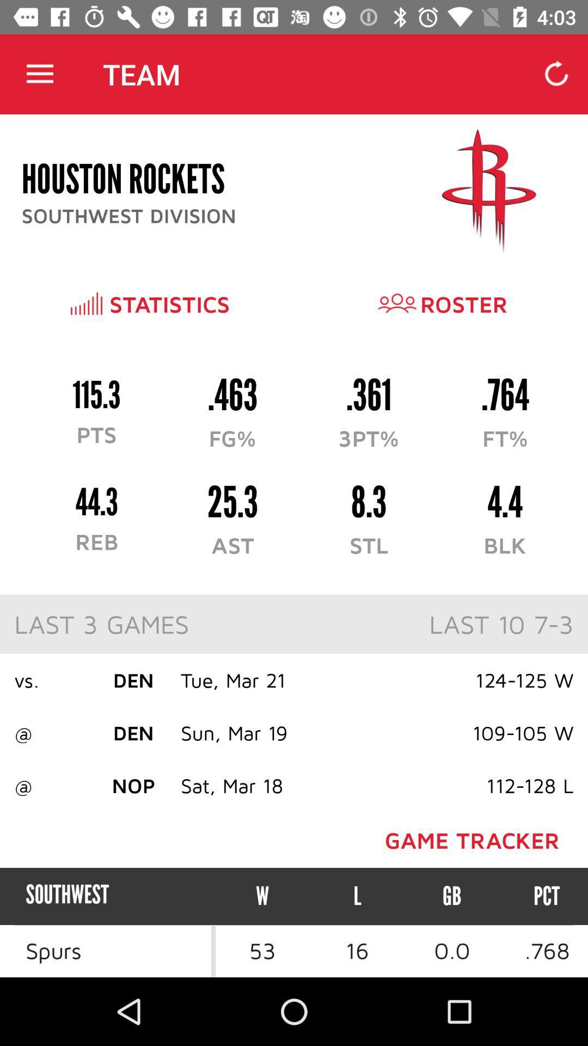 This screenshot has width=588, height=1046. What do you see at coordinates (397, 303) in the screenshot?
I see `the icon left to roster` at bounding box center [397, 303].